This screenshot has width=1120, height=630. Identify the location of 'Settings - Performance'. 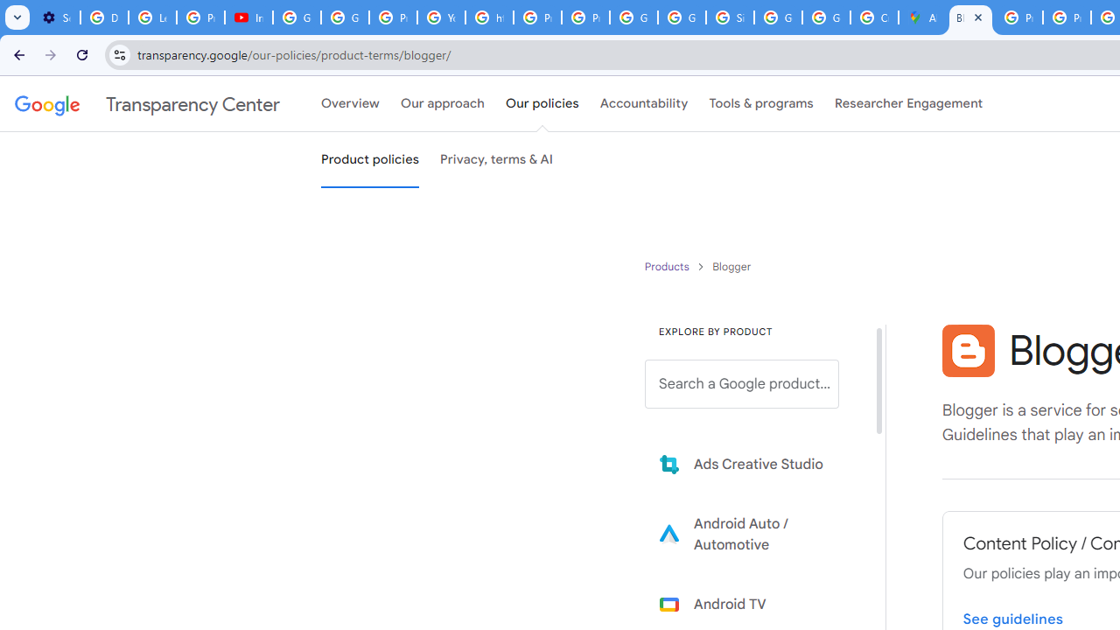
(56, 17).